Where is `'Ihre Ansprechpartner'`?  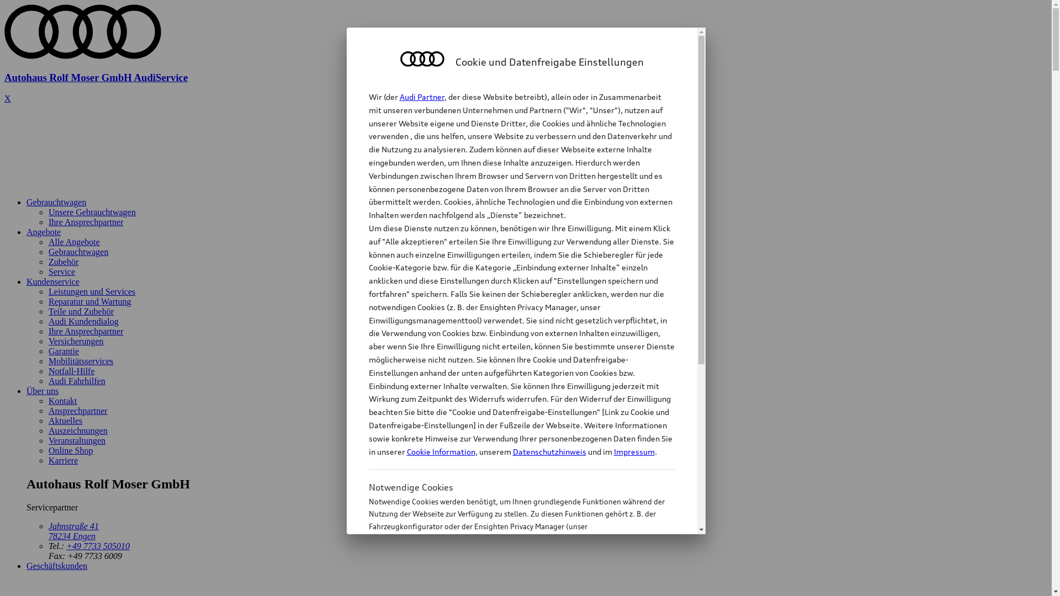 'Ihre Ansprechpartner' is located at coordinates (86, 222).